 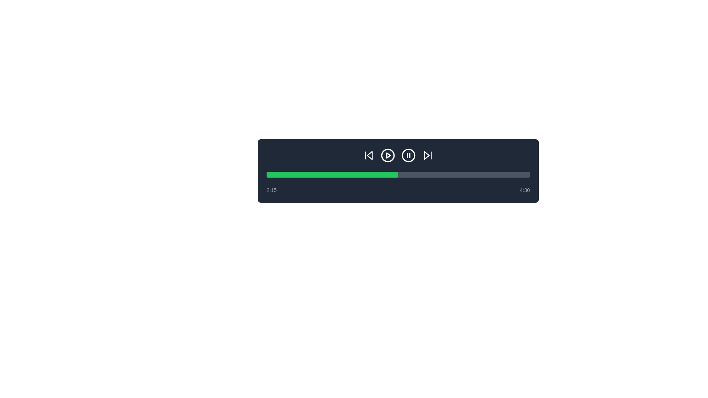 What do you see at coordinates (368, 155) in the screenshot?
I see `the 'Skip Back' button, which is the first control button from the left in the media control panel` at bounding box center [368, 155].